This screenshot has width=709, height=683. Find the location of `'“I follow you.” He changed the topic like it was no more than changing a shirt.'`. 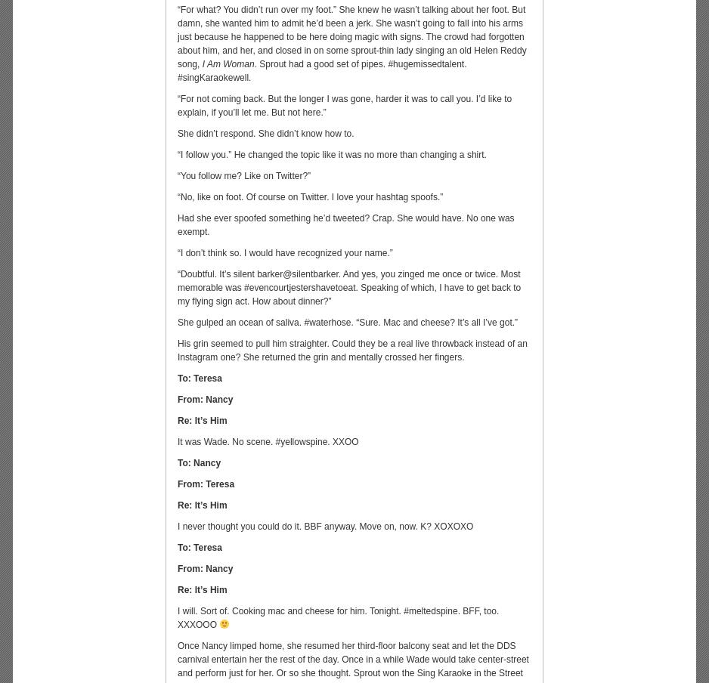

'“I follow you.” He changed the topic like it was no more than changing a shirt.' is located at coordinates (330, 155).